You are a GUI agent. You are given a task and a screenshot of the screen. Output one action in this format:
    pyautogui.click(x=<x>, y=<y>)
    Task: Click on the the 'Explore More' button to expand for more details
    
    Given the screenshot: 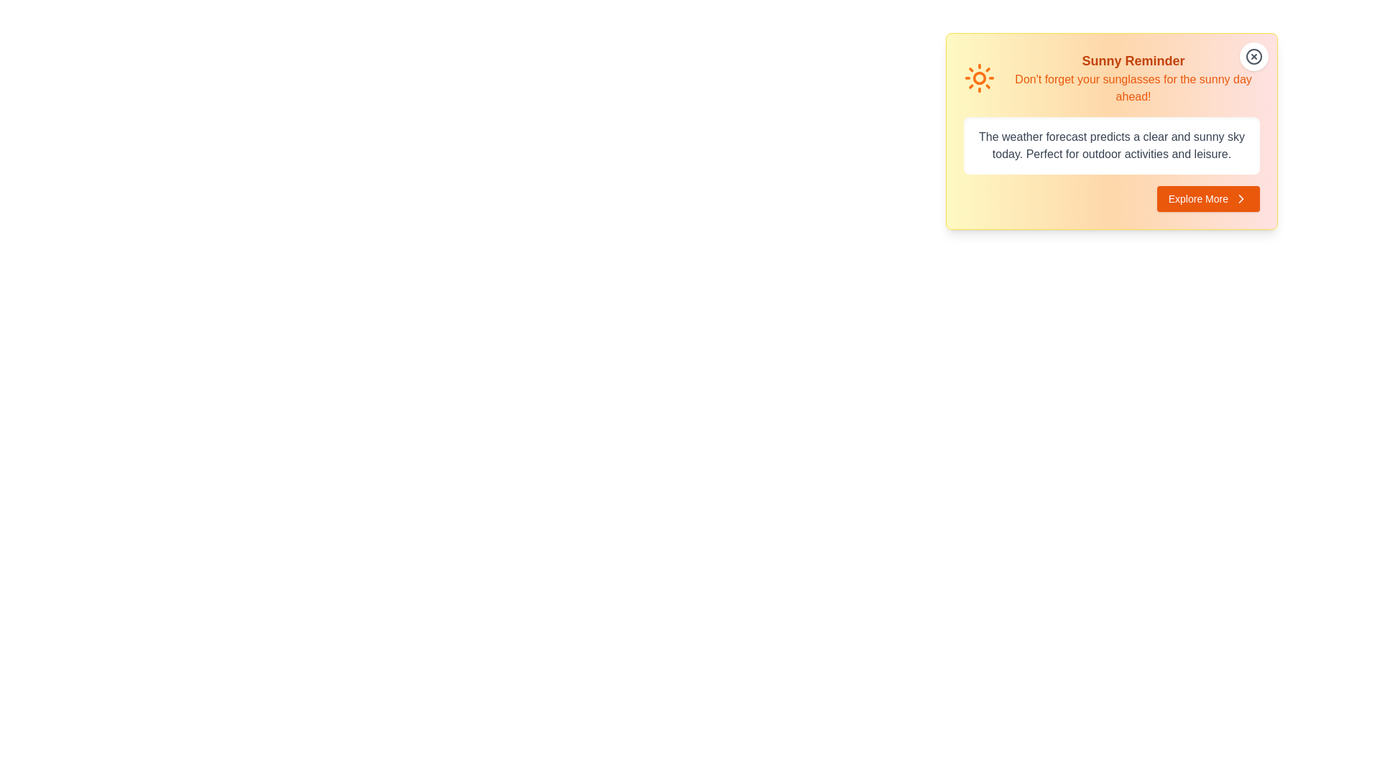 What is the action you would take?
    pyautogui.click(x=1207, y=199)
    